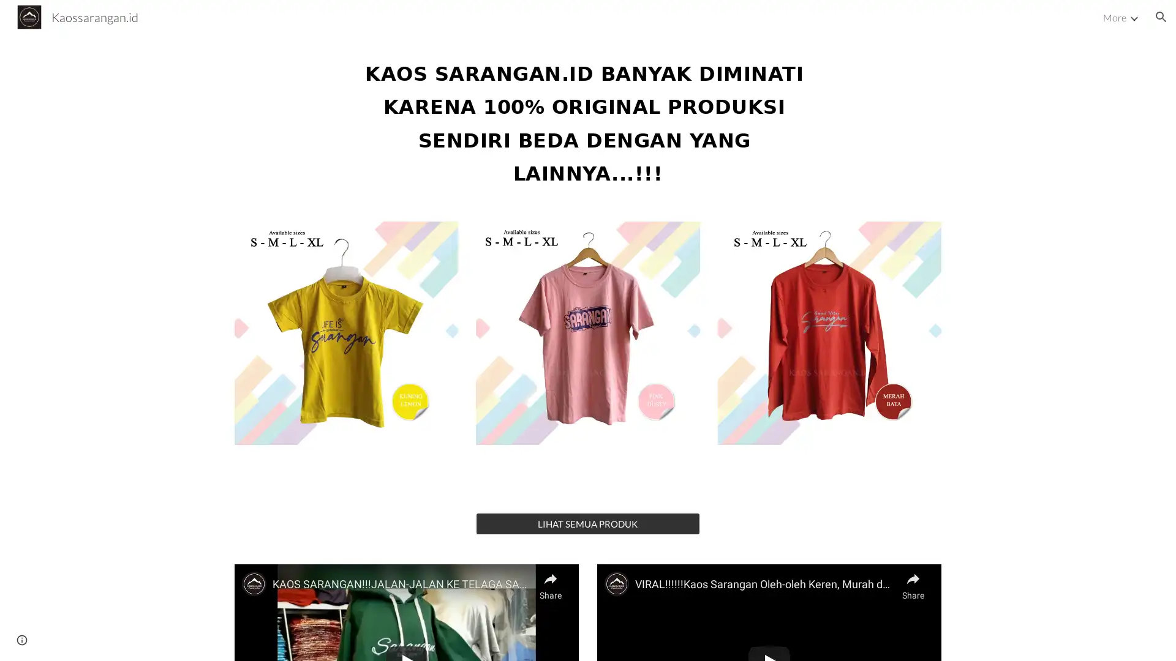  I want to click on Copy heading link, so click(829, 120).